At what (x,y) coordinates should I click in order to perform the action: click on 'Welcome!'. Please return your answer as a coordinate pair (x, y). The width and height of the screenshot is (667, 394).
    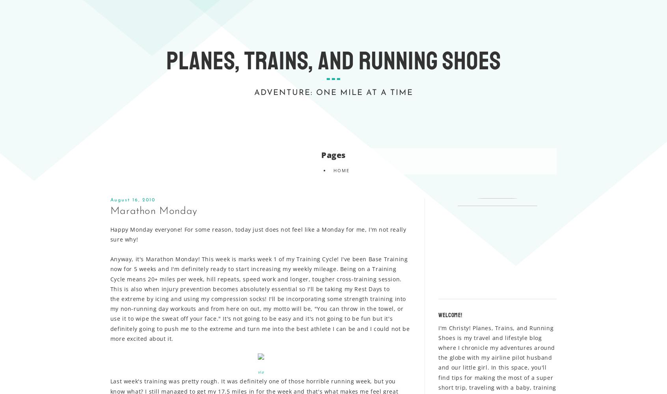
    Looking at the image, I should click on (449, 315).